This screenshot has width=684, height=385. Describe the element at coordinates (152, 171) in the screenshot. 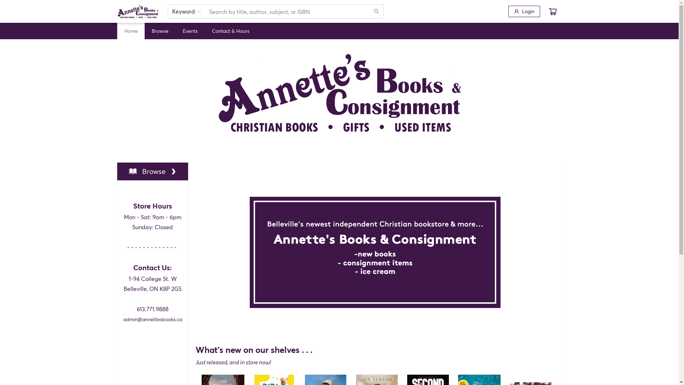

I see `'  Browse  '` at that location.